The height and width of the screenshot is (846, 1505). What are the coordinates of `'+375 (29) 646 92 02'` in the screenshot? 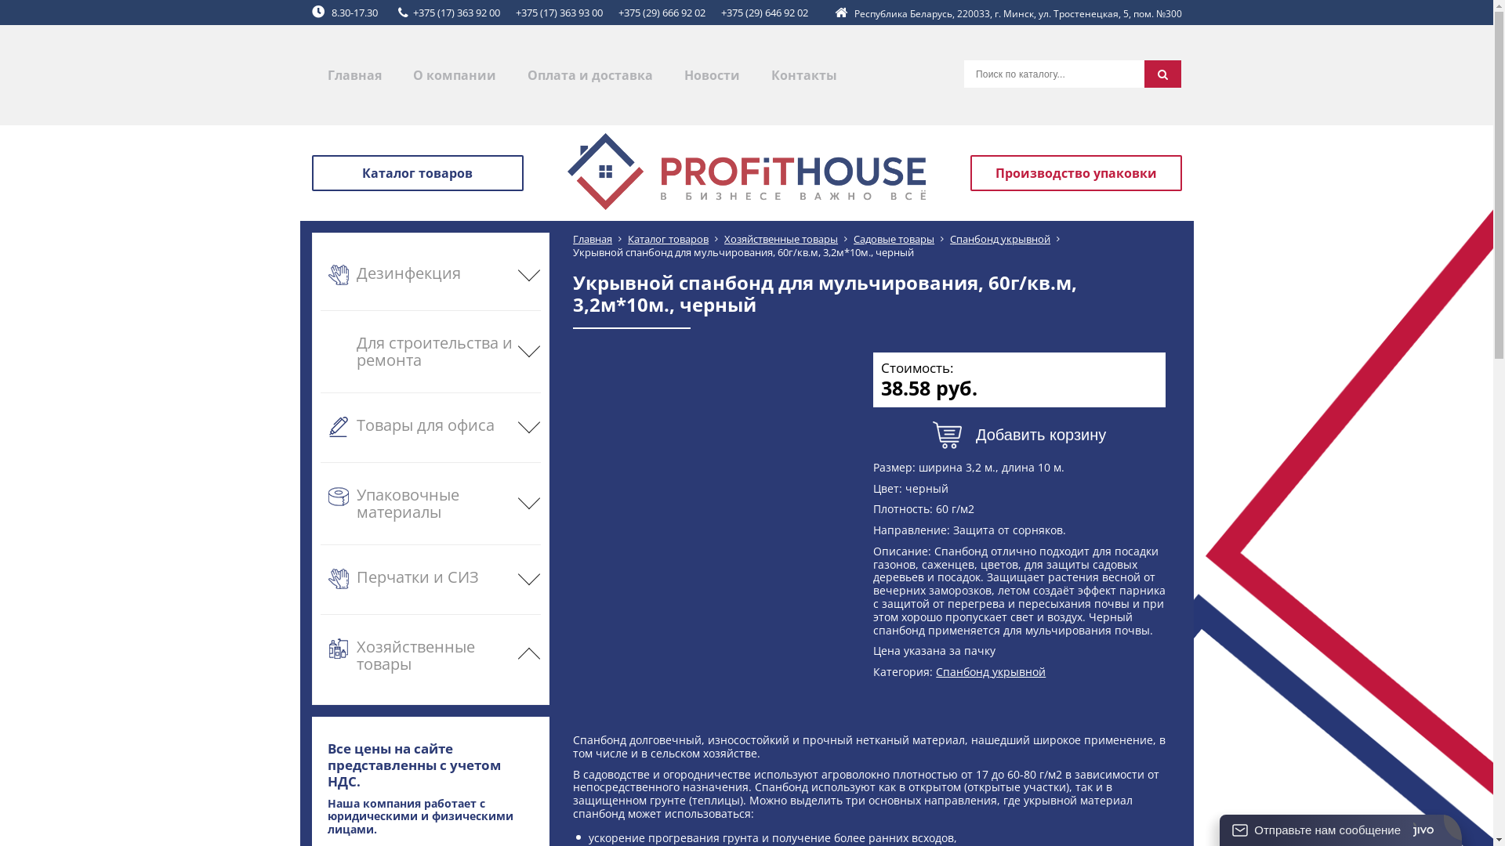 It's located at (764, 13).